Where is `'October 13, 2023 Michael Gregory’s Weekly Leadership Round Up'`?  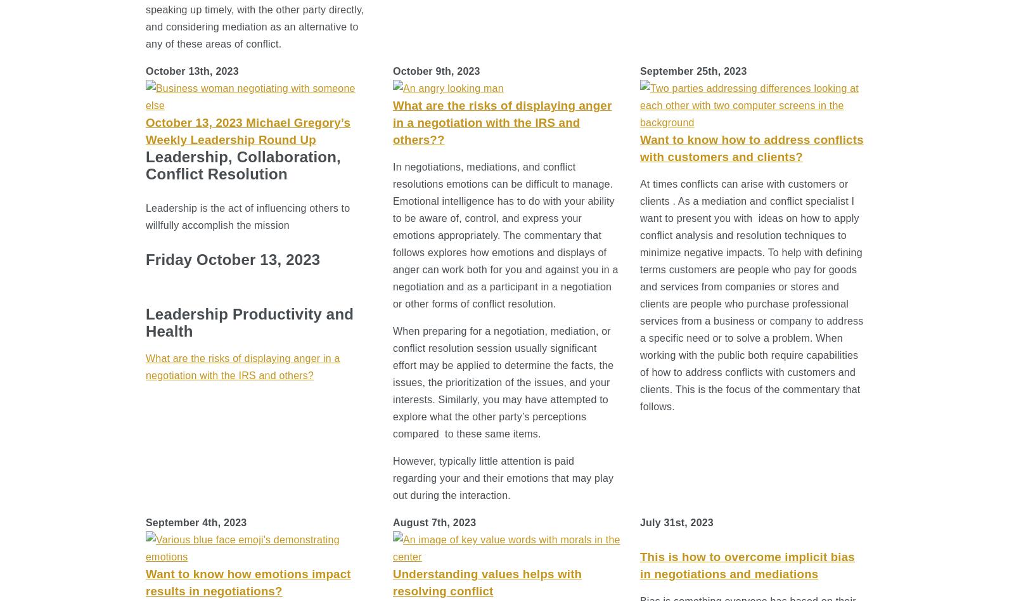
'October 13, 2023 Michael Gregory’s Weekly Leadership Round Up' is located at coordinates (248, 131).